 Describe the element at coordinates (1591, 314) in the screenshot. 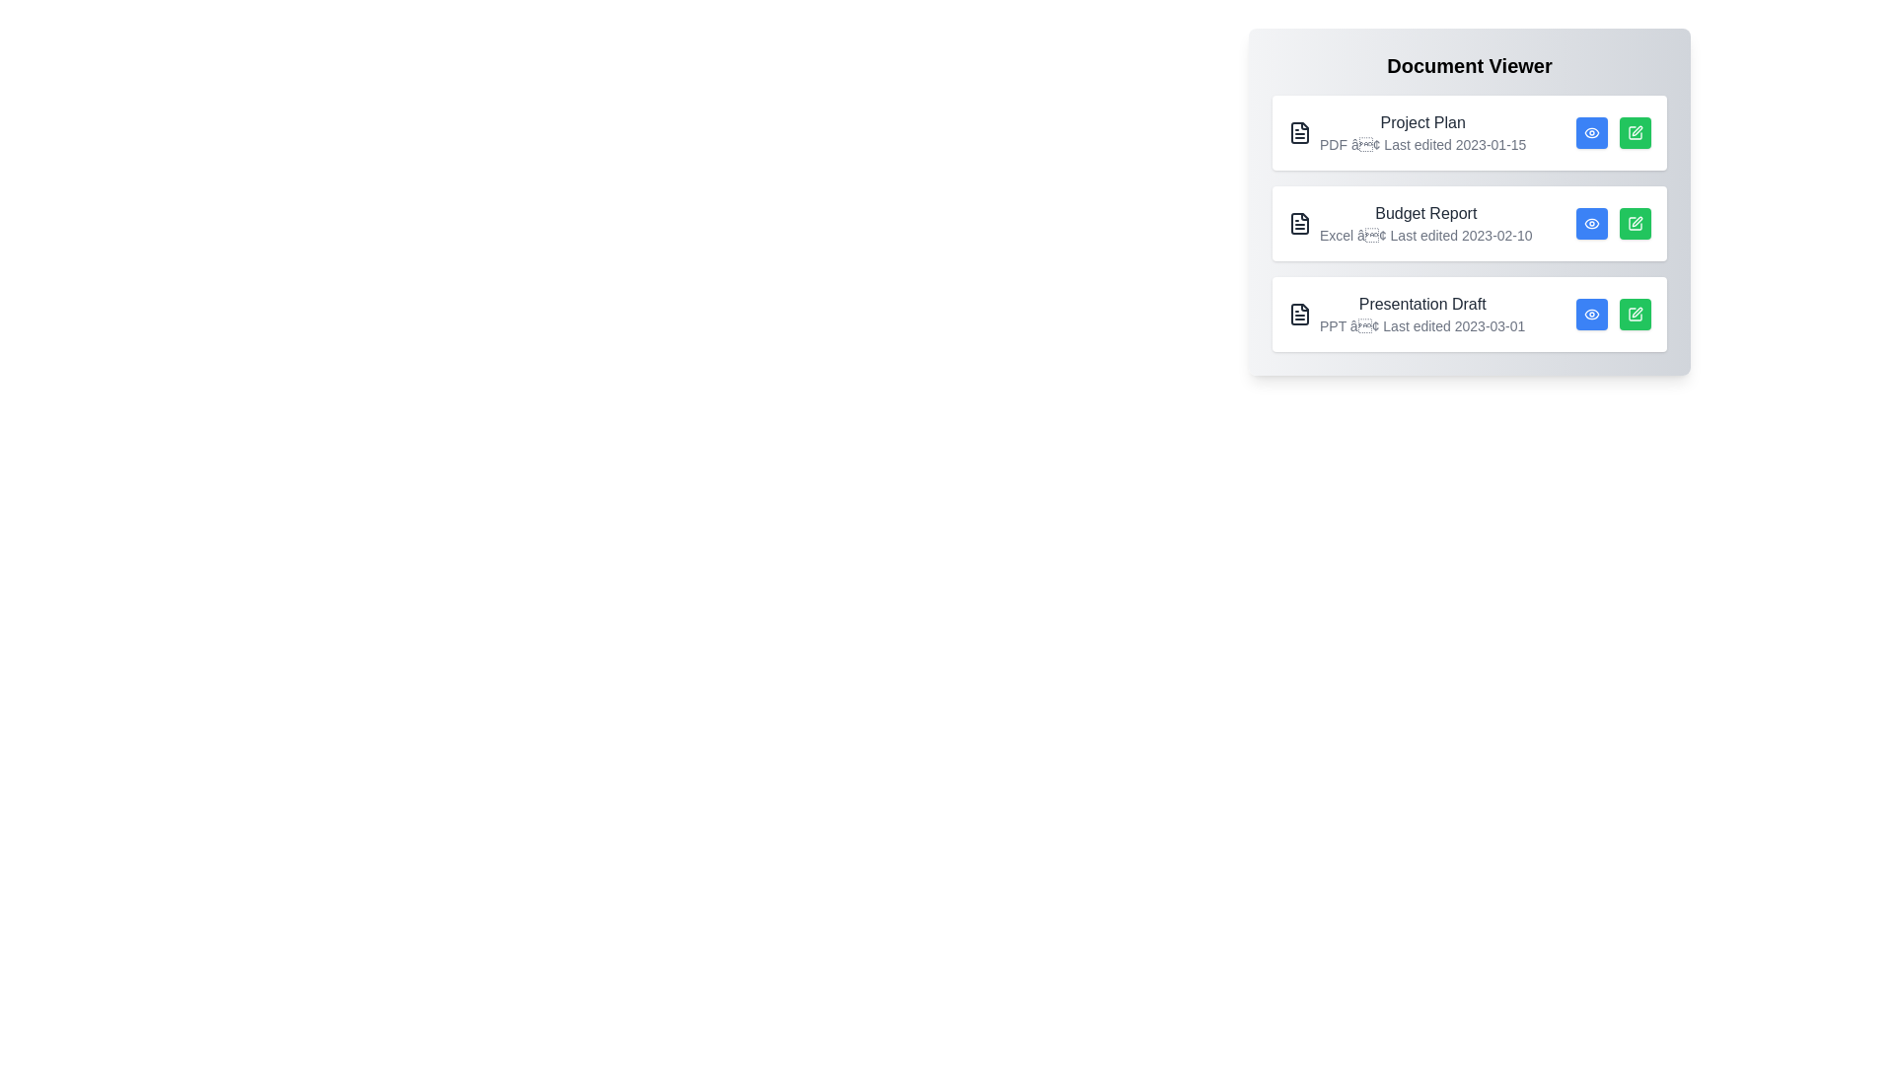

I see `eye icon for the document titled Presentation Draft to view its details` at that location.